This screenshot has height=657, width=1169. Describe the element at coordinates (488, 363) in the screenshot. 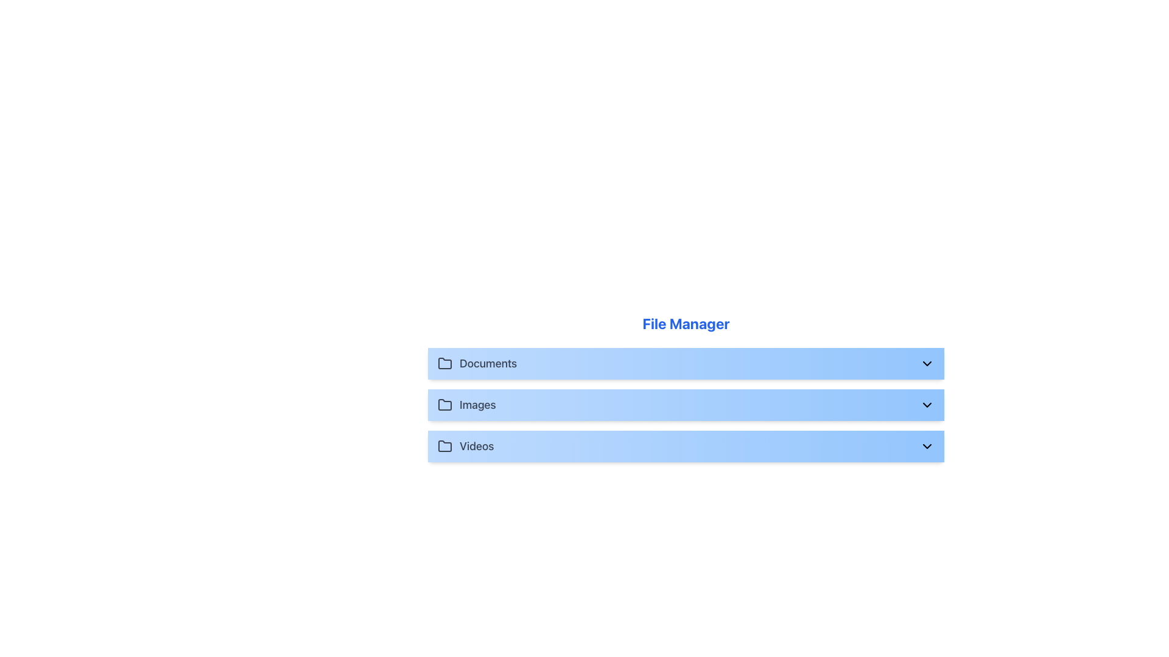

I see `the 'Documents' text label which is styled with a medium-sized font and light gray color, located in the top entry of the vertical list under 'File Manager', to the right of a folder icon` at that location.